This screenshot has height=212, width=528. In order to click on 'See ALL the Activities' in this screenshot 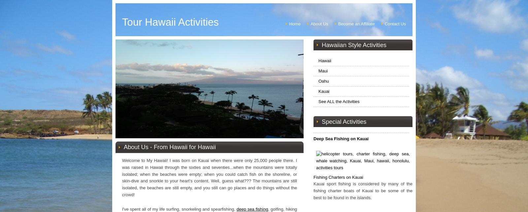, I will do `click(318, 101)`.